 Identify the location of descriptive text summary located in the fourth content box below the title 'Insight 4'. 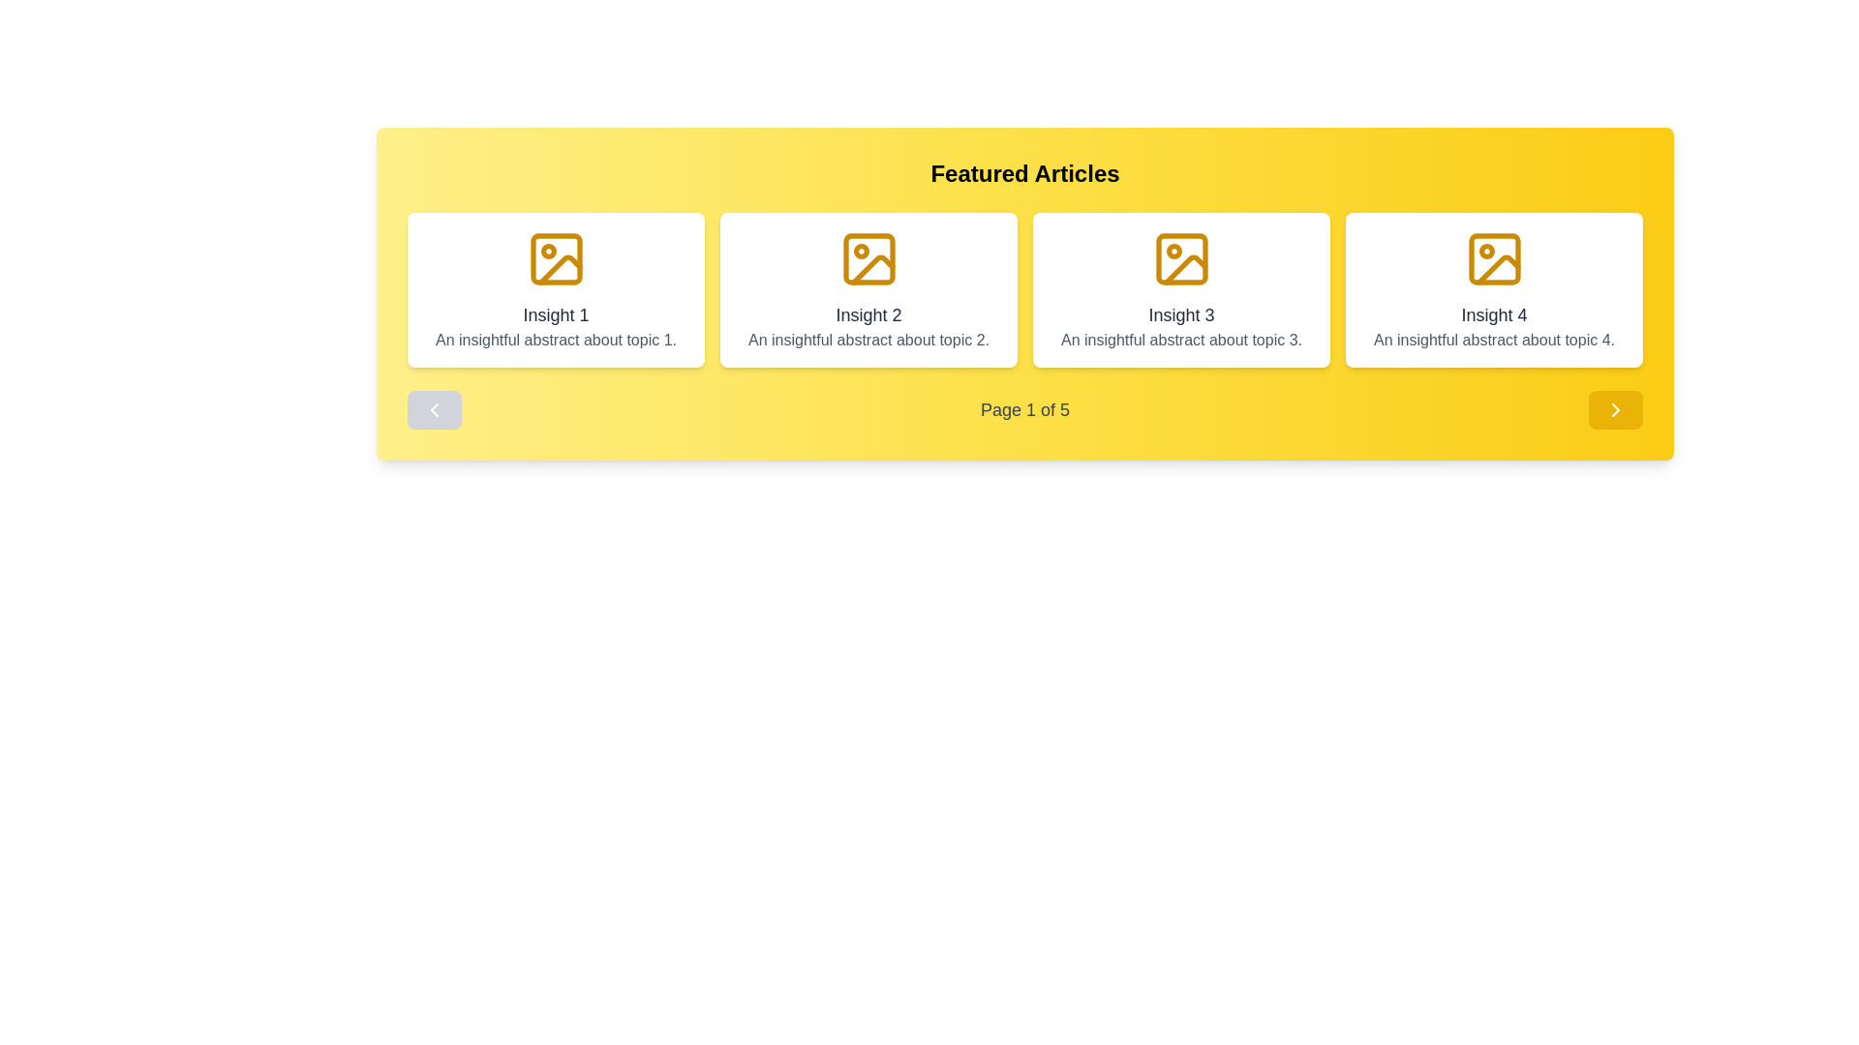
(1493, 339).